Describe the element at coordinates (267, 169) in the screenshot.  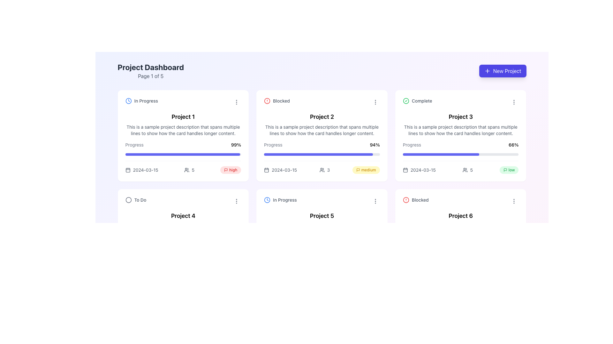
I see `the calendar icon located at the bottom-left section of the 'Project 2' card in the dashboard interface` at that location.